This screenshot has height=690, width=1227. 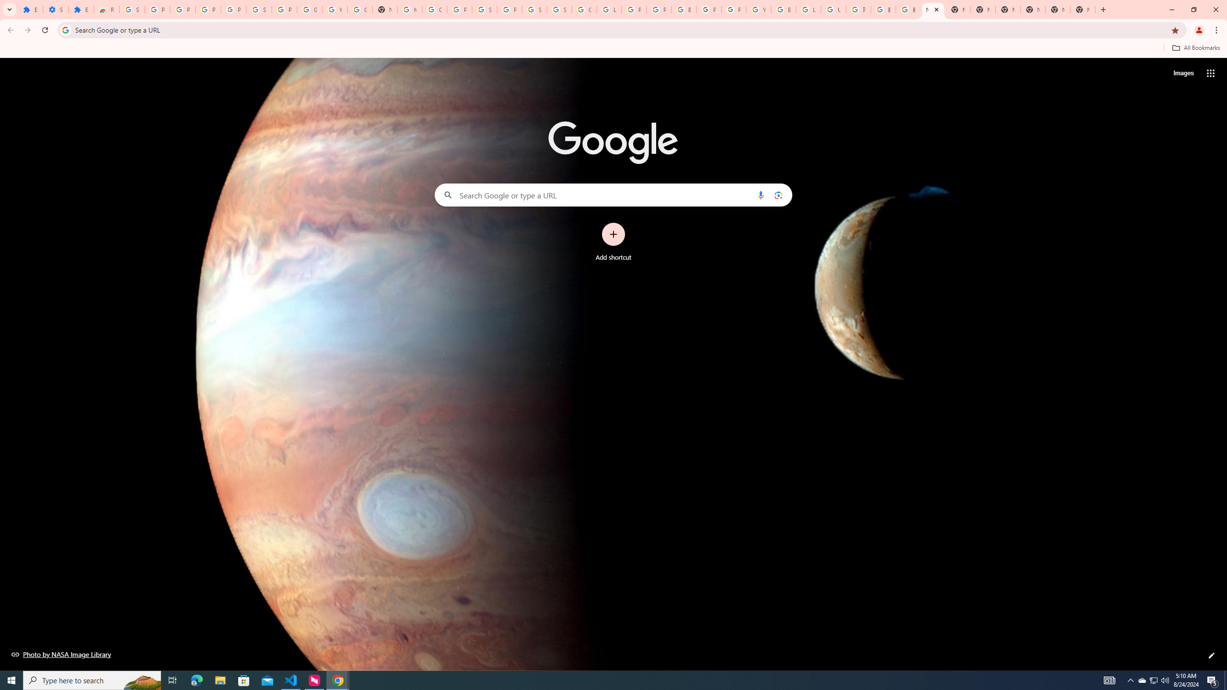 What do you see at coordinates (55, 9) in the screenshot?
I see `'Settings'` at bounding box center [55, 9].